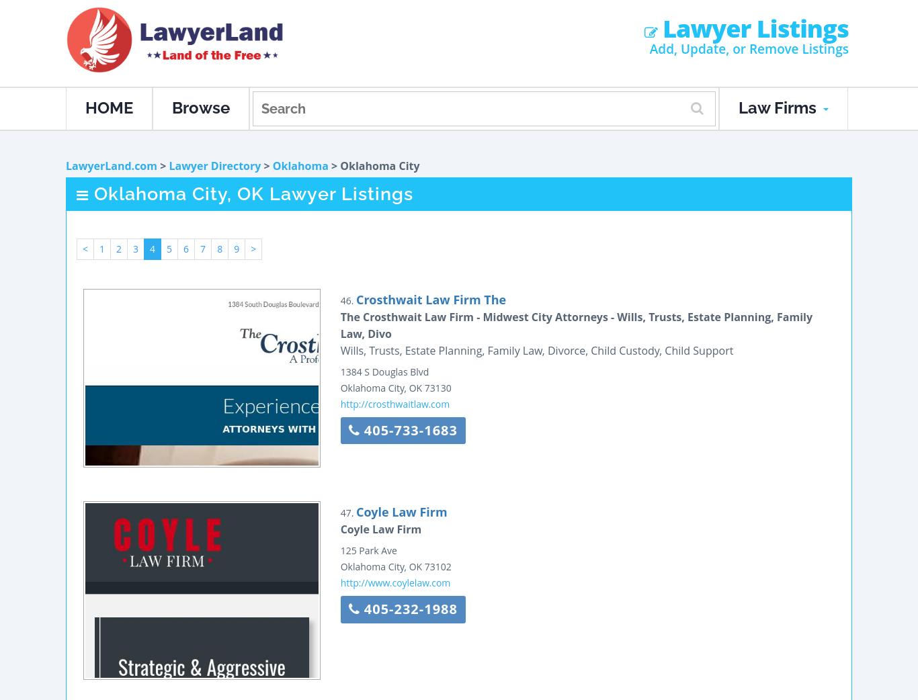  Describe the element at coordinates (780, 107) in the screenshot. I see `'Law Firms'` at that location.